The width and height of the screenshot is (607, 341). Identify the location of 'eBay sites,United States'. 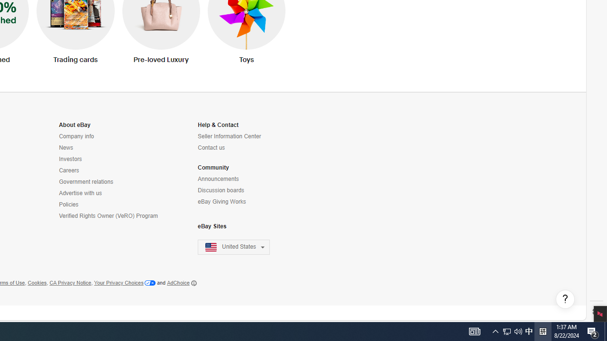
(234, 247).